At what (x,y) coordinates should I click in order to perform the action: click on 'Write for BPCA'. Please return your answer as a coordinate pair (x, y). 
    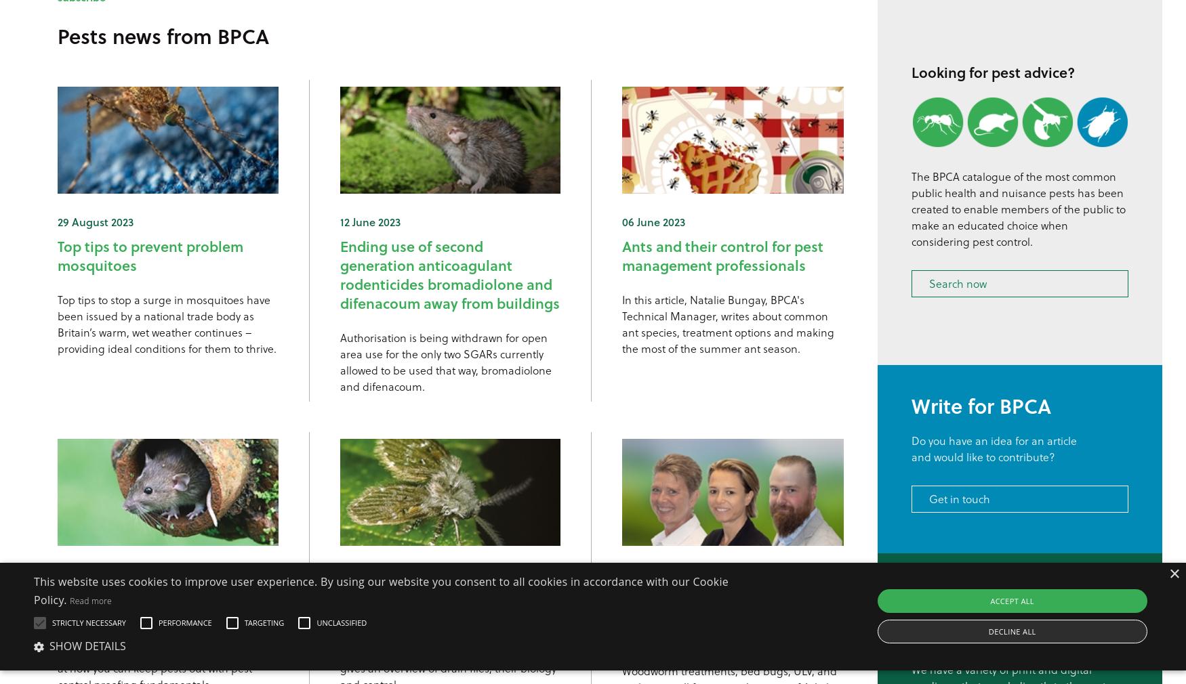
    Looking at the image, I should click on (981, 404).